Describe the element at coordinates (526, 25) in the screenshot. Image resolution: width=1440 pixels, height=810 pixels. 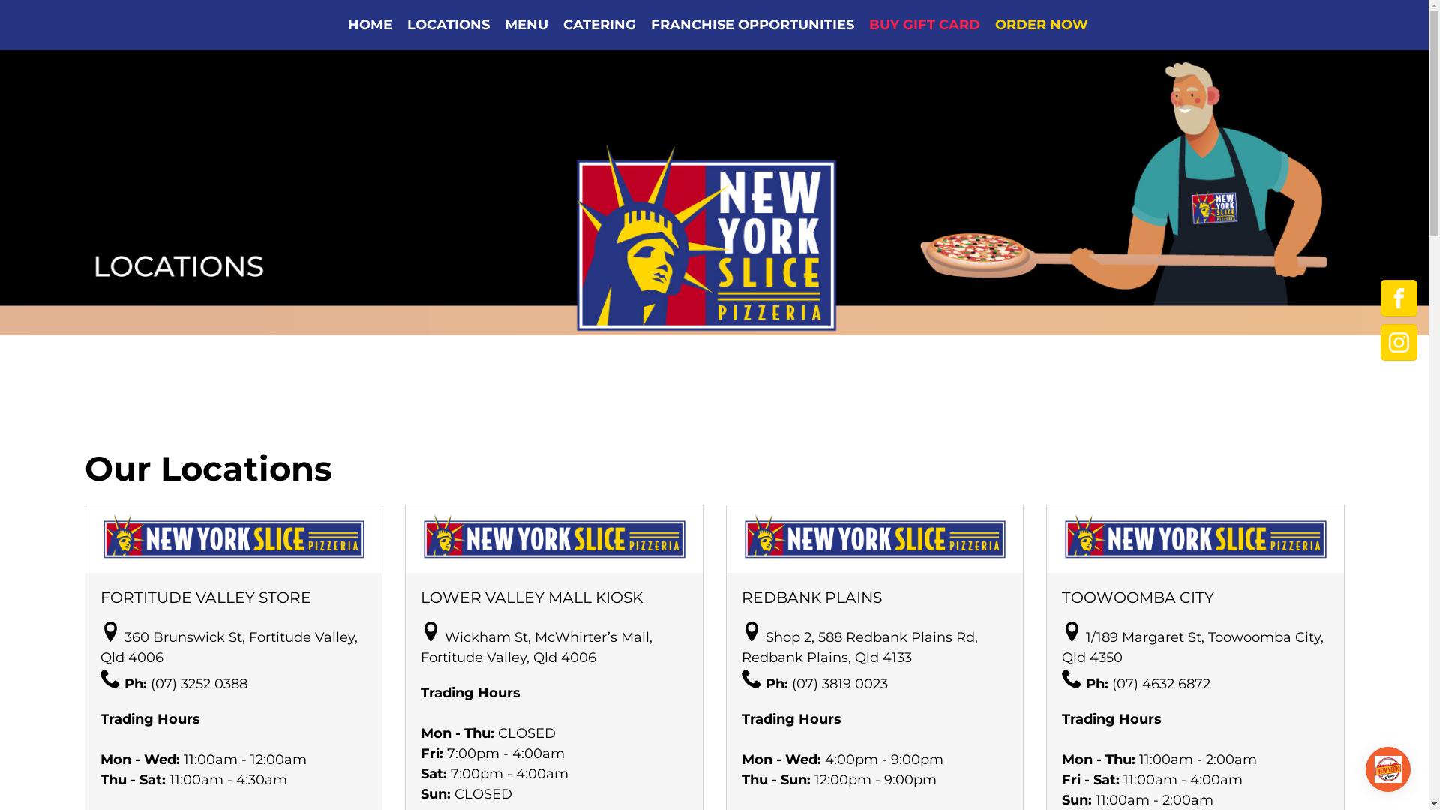
I see `'MENU'` at that location.